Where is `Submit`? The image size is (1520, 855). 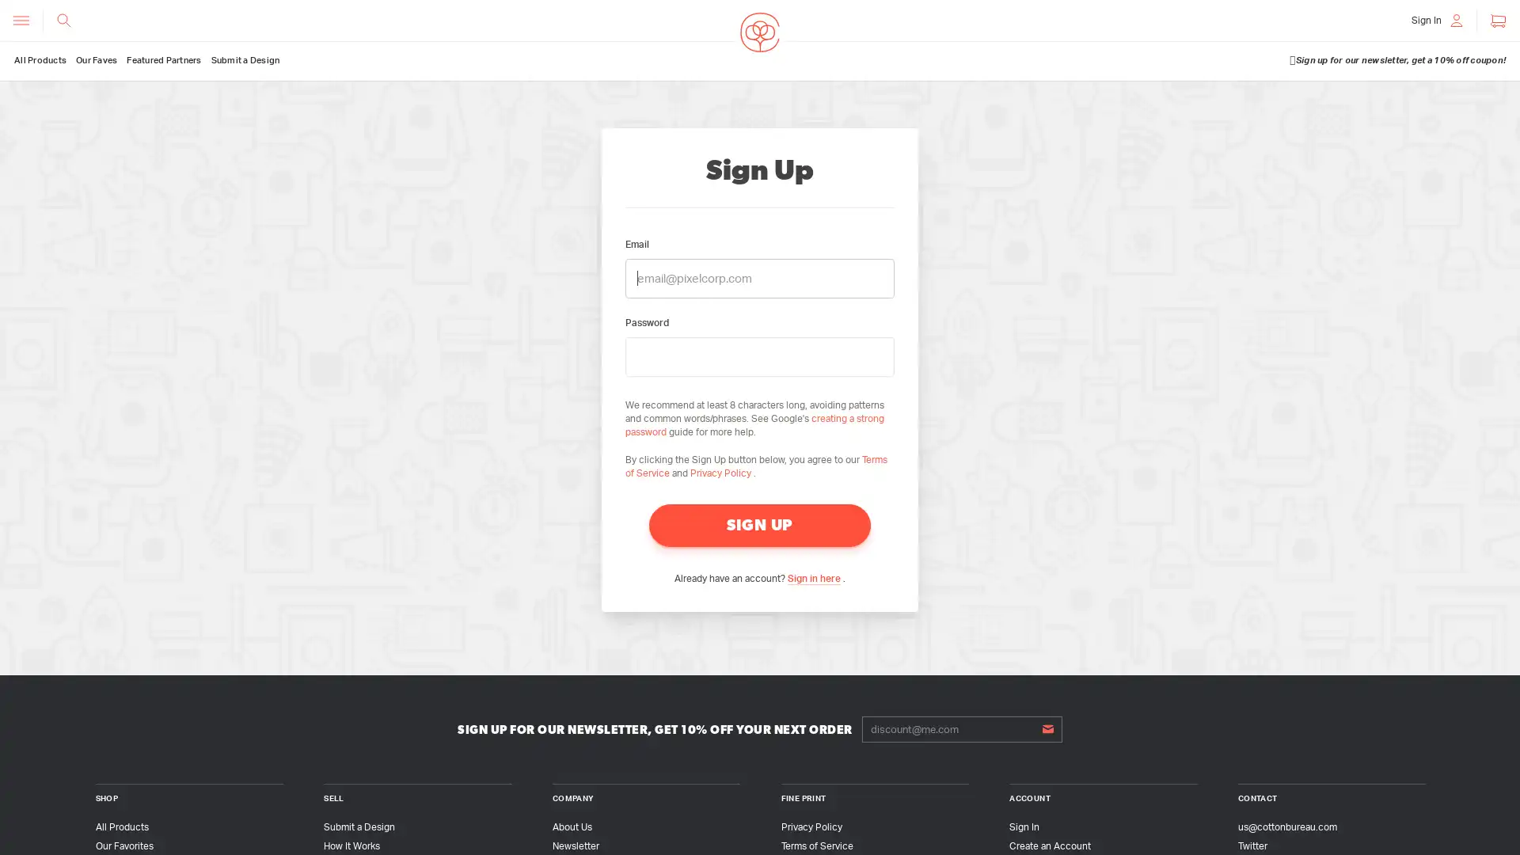
Submit is located at coordinates (1047, 728).